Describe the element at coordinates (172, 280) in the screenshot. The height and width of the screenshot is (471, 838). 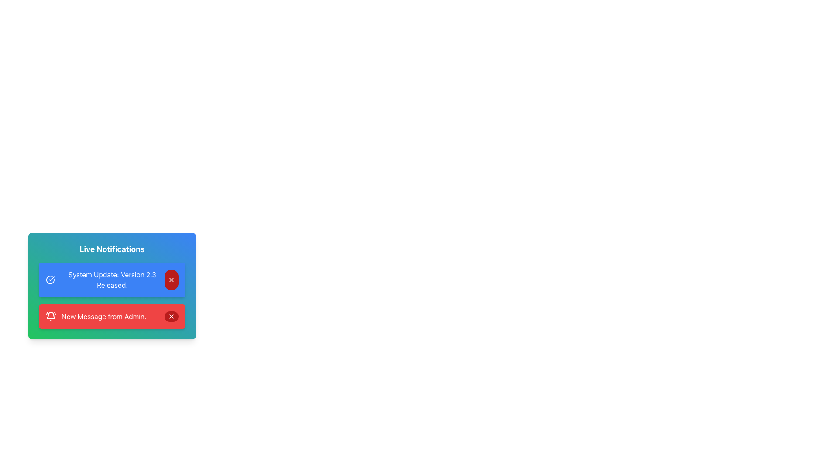
I see `the small, pill-shaped red button with an 'X' icon in the notification labeled 'System Update: Version 2.3 Released.'` at that location.